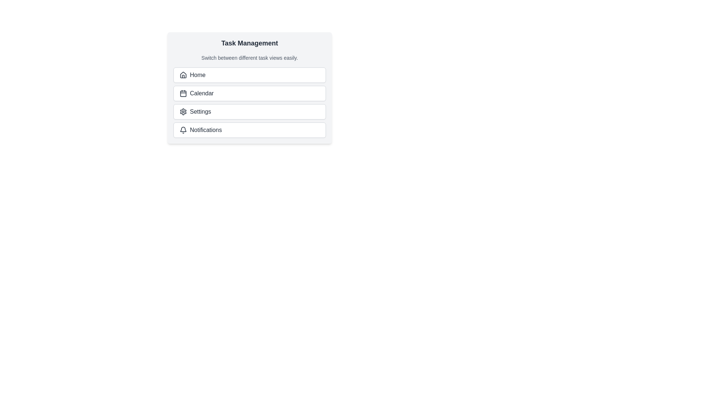 The image size is (704, 396). What do you see at coordinates (250, 58) in the screenshot?
I see `the supplementary information text located directly below the 'Task Management' title and above the navigation options` at bounding box center [250, 58].